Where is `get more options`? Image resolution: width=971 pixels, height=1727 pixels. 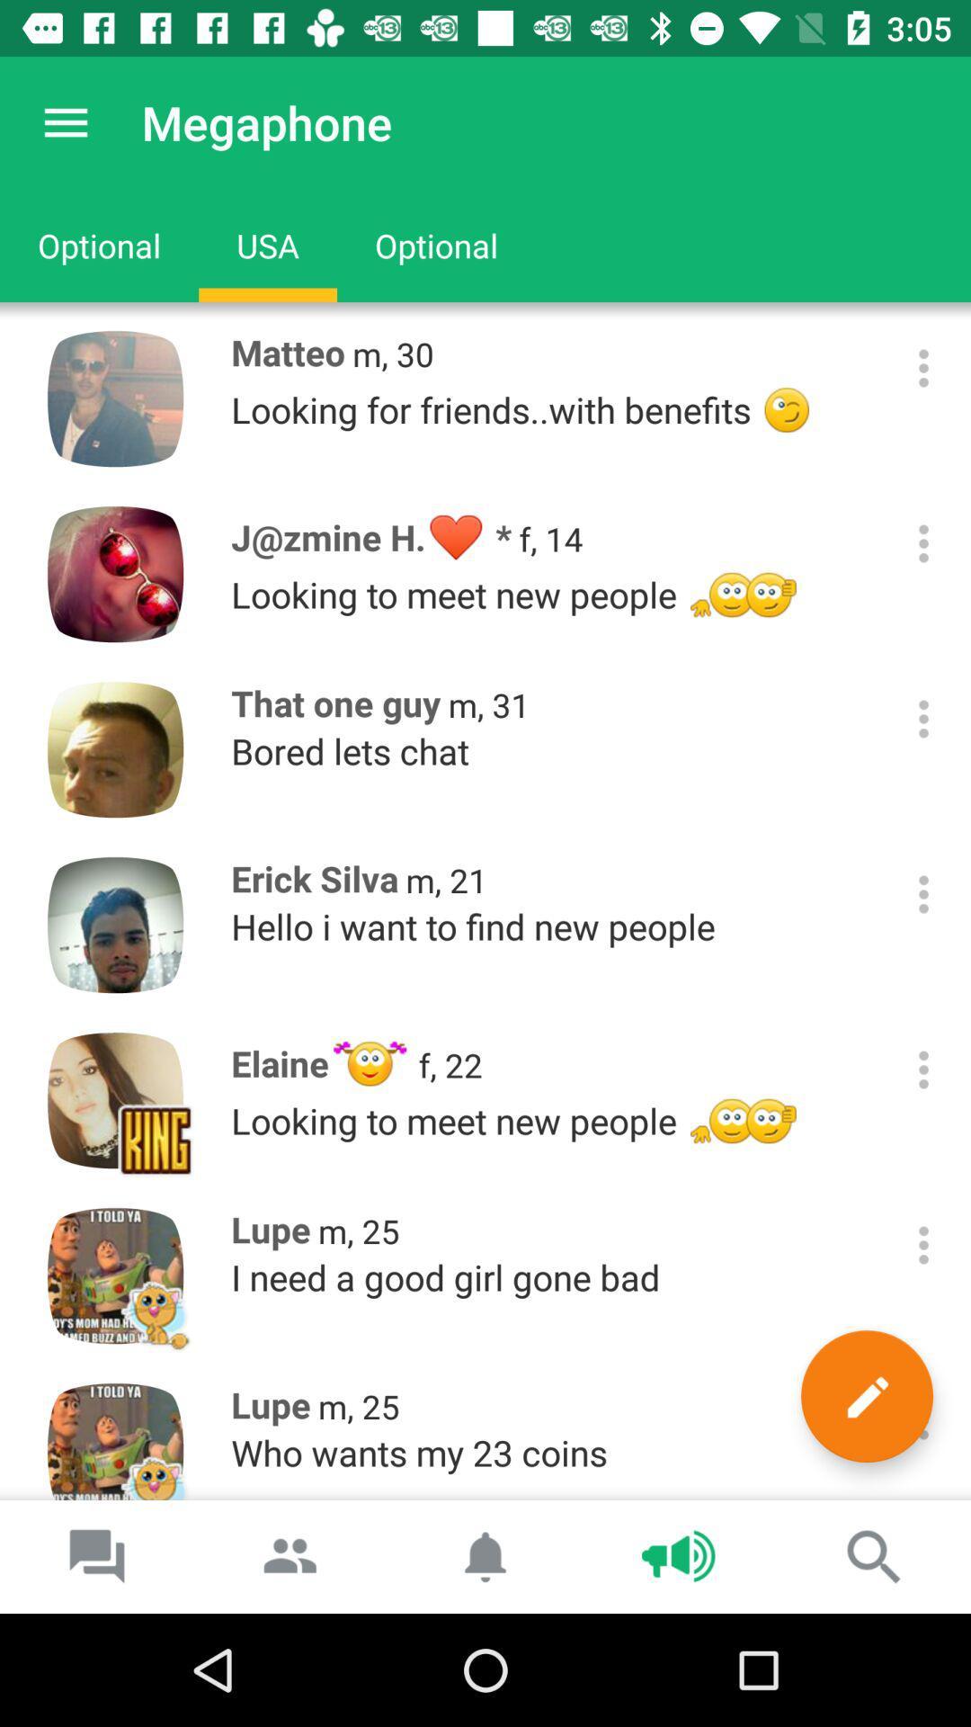 get more options is located at coordinates (923, 718).